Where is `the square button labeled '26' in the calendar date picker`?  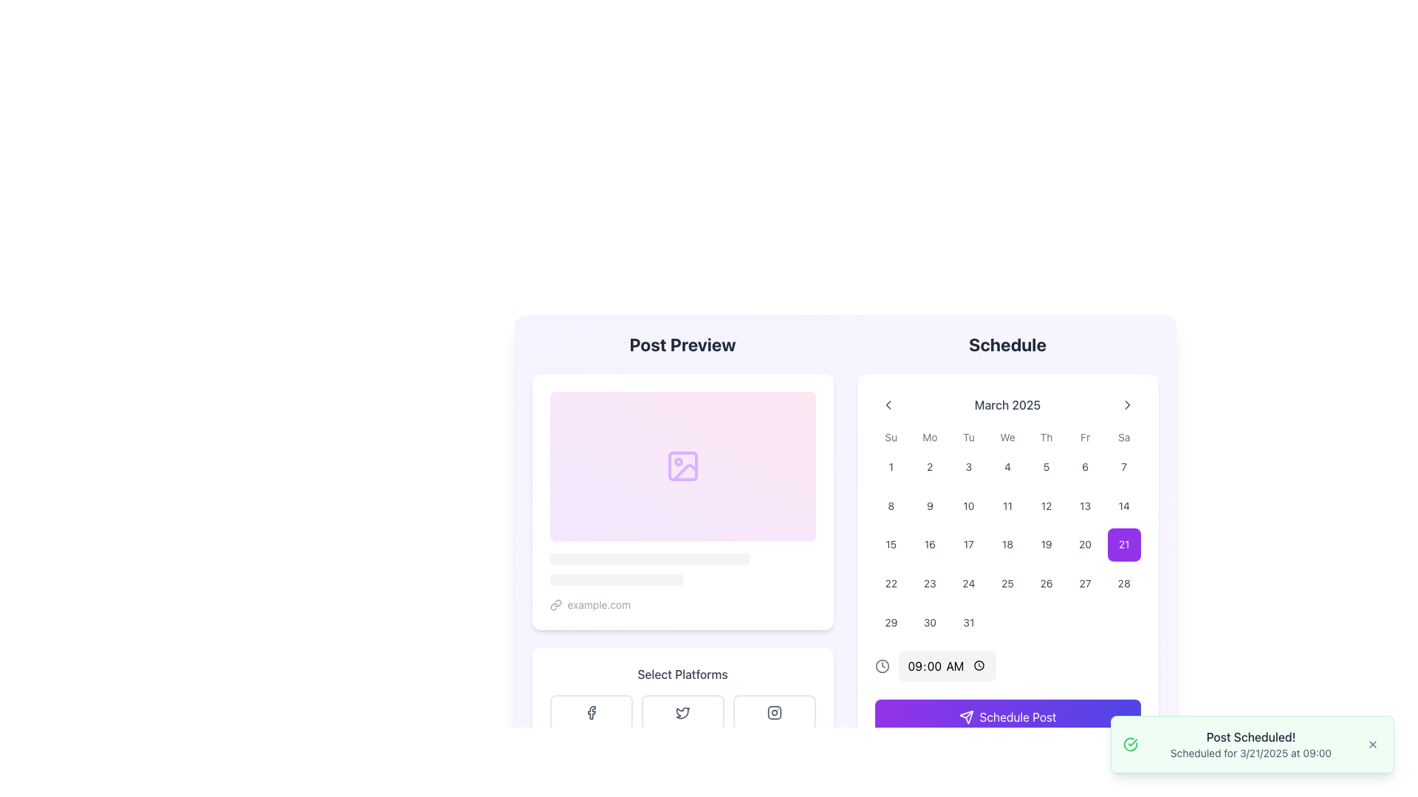 the square button labeled '26' in the calendar date picker is located at coordinates (1046, 582).